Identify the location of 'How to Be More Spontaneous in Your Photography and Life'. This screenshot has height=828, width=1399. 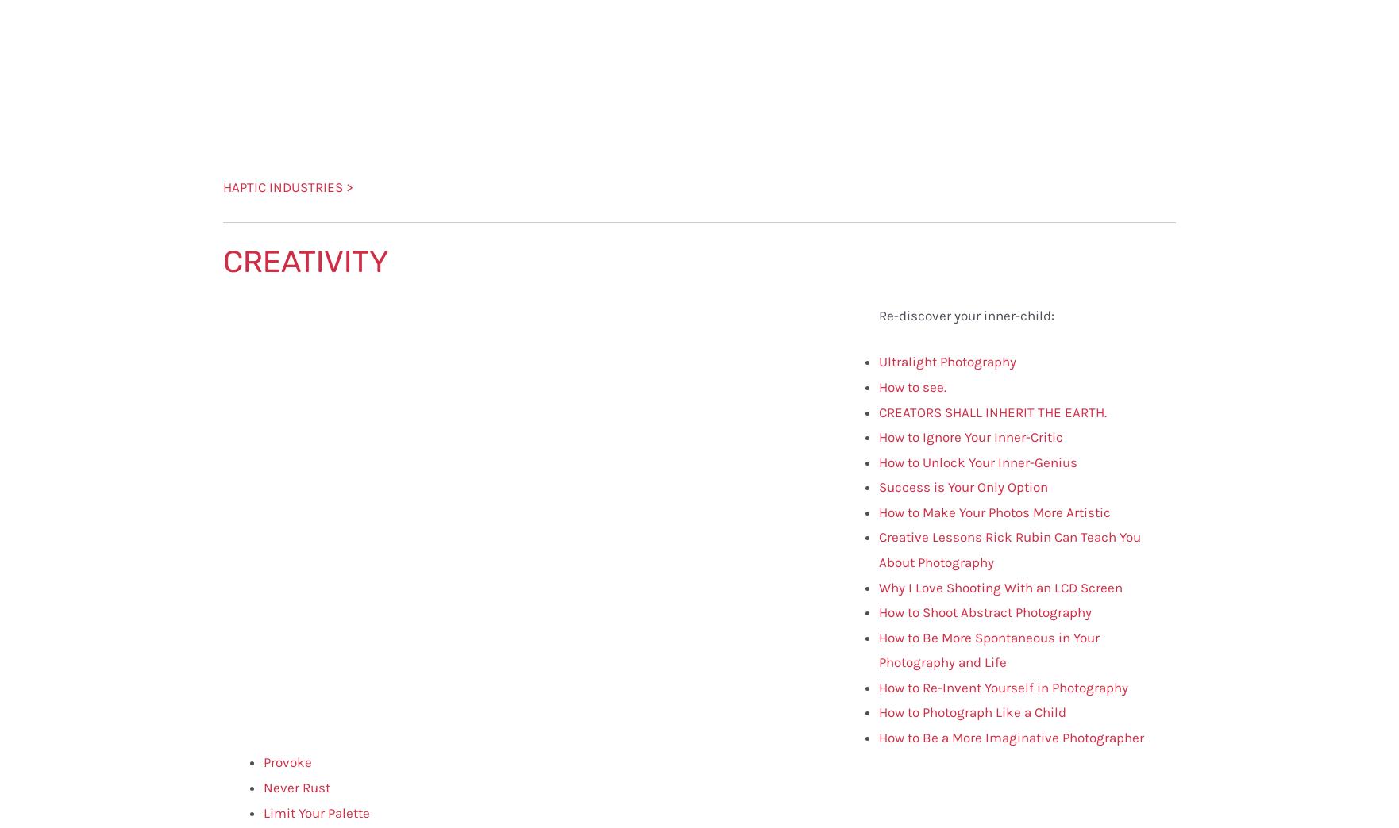
(989, 649).